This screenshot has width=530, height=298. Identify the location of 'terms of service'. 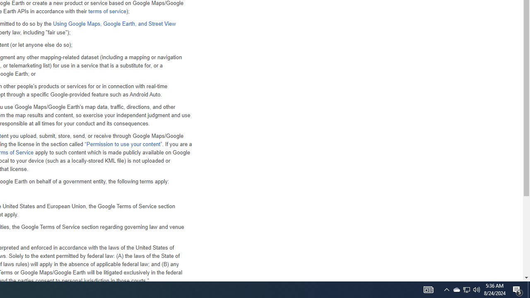
(106, 12).